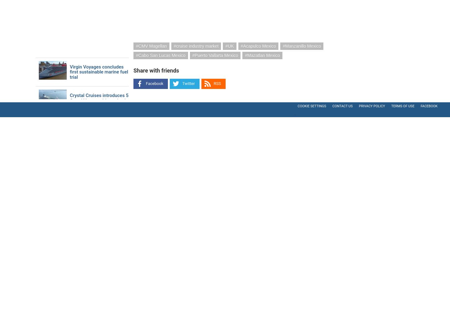  What do you see at coordinates (197, 46) in the screenshot?
I see `'cruise industry market'` at bounding box center [197, 46].